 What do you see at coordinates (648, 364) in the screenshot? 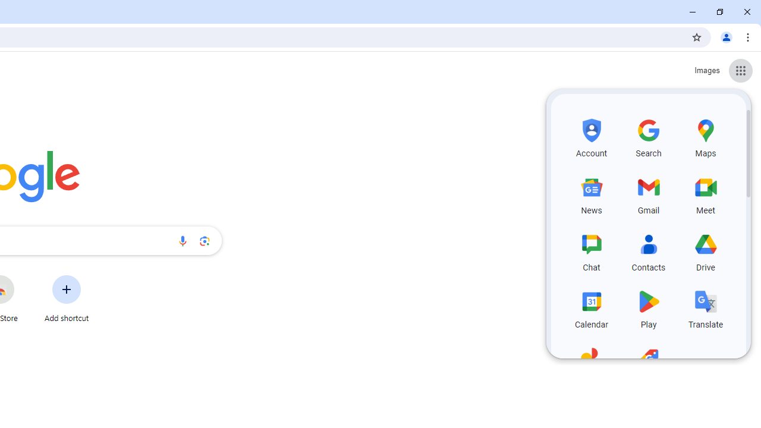
I see `'Shopping, row 5 of 5 and column 2 of 3 in the first section'` at bounding box center [648, 364].